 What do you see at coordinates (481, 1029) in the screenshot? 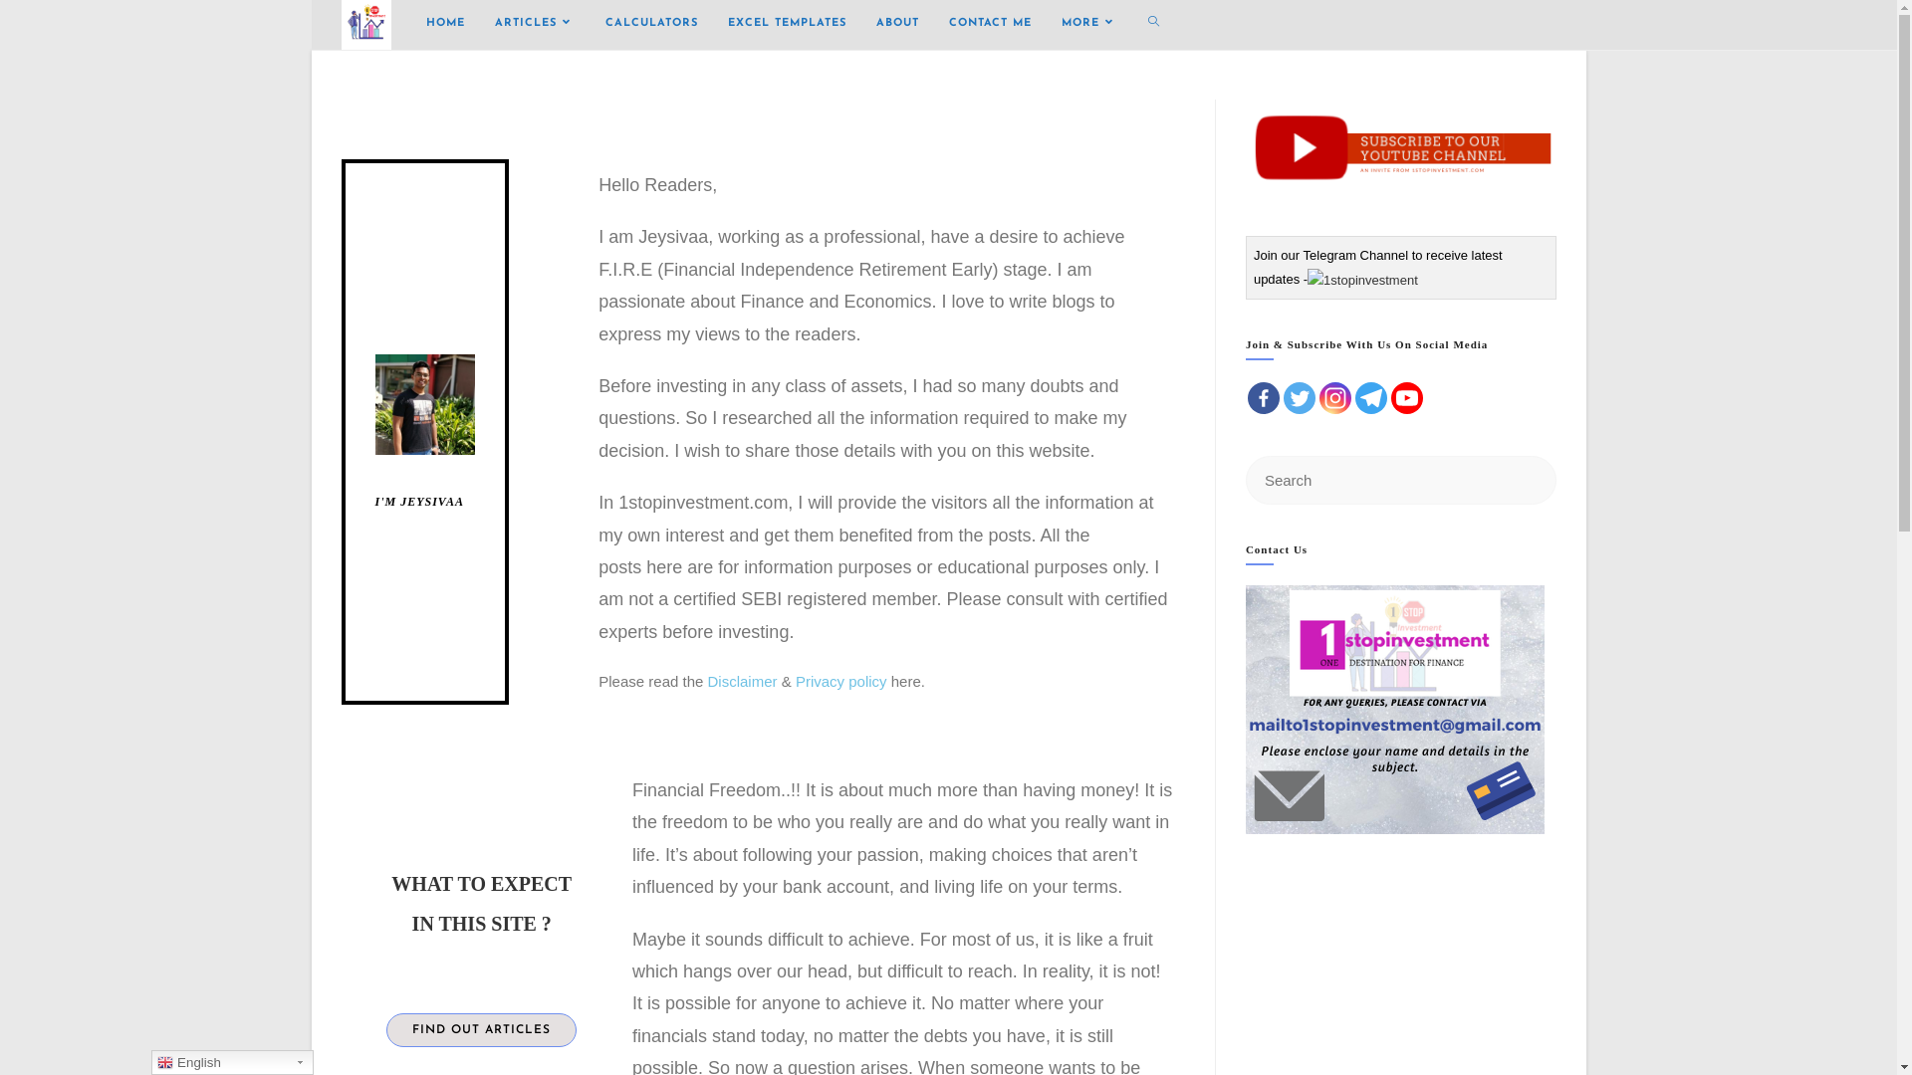
I see `'FIND OUT ARTICLES'` at bounding box center [481, 1029].